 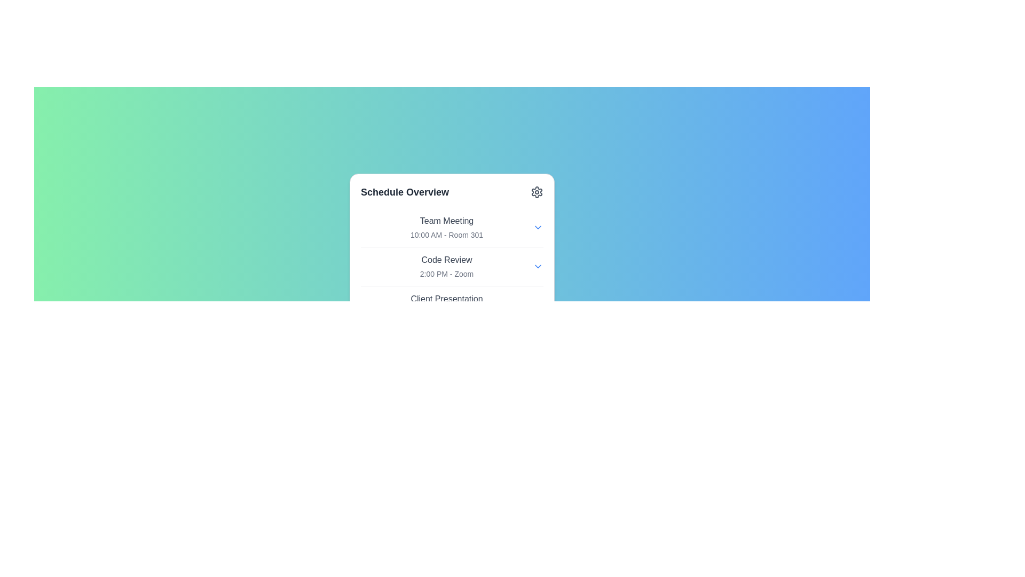 What do you see at coordinates (446, 227) in the screenshot?
I see `the information displayed in the first entry of the scheduled items, which is an informational text block within the 'Schedule Overview' card` at bounding box center [446, 227].